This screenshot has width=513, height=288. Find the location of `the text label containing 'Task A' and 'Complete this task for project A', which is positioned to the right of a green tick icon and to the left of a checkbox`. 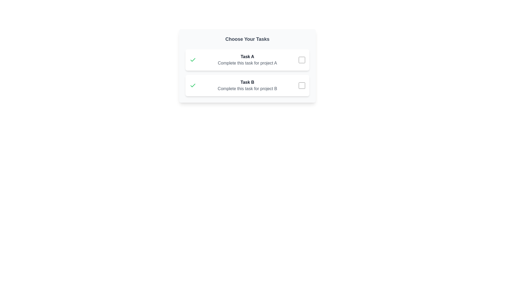

the text label containing 'Task A' and 'Complete this task for project A', which is positioned to the right of a green tick icon and to the left of a checkbox is located at coordinates (247, 60).